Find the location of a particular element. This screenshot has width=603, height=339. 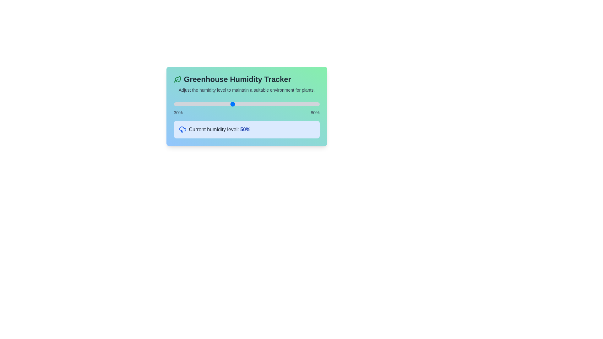

the humidity level to 30% using the slider is located at coordinates (174, 104).